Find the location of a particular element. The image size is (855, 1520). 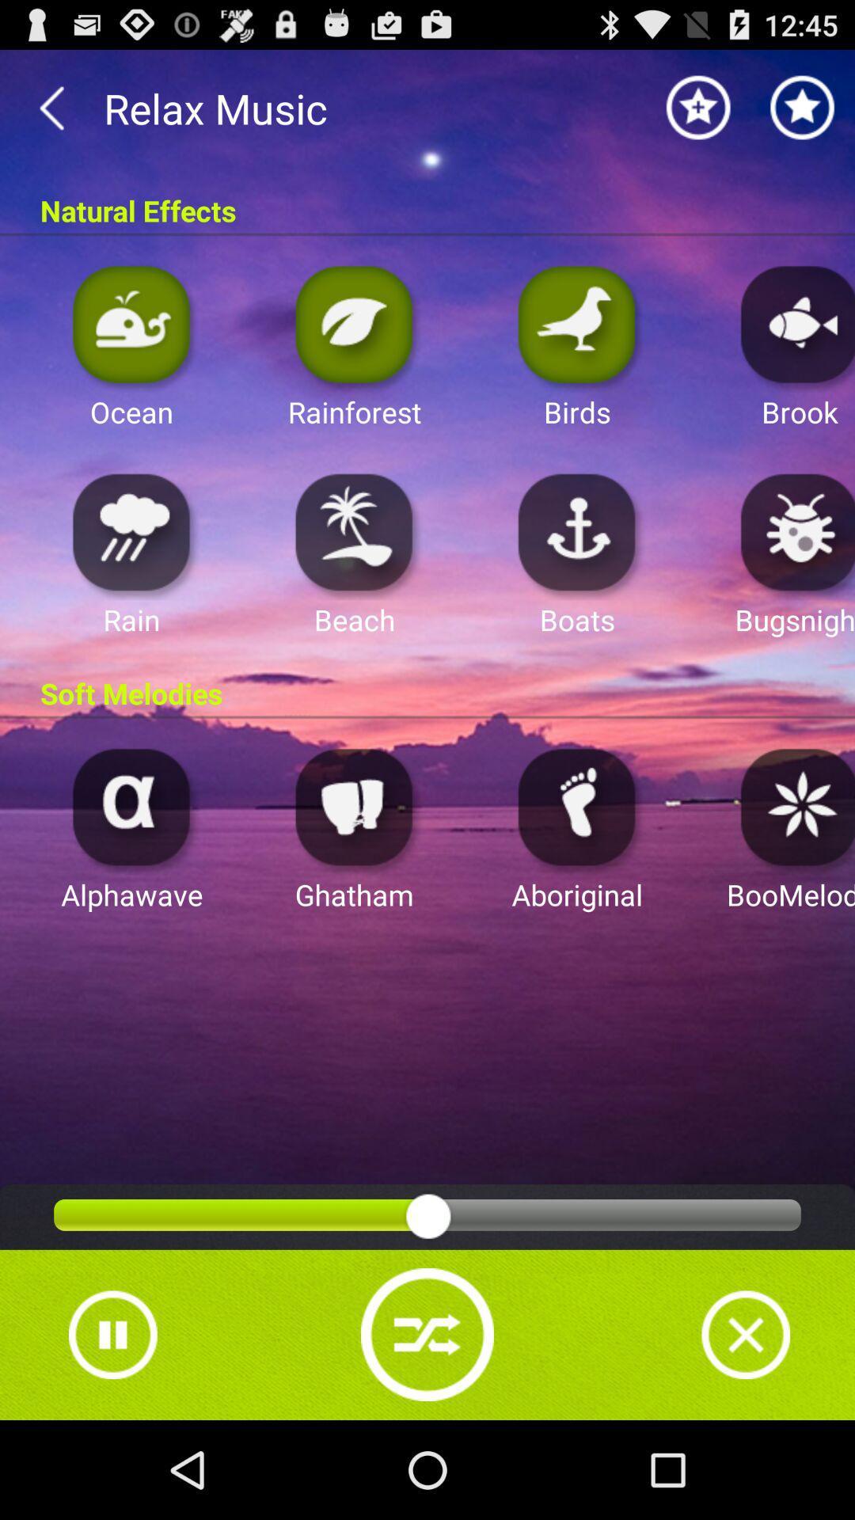

opens alphawave is located at coordinates (131, 806).